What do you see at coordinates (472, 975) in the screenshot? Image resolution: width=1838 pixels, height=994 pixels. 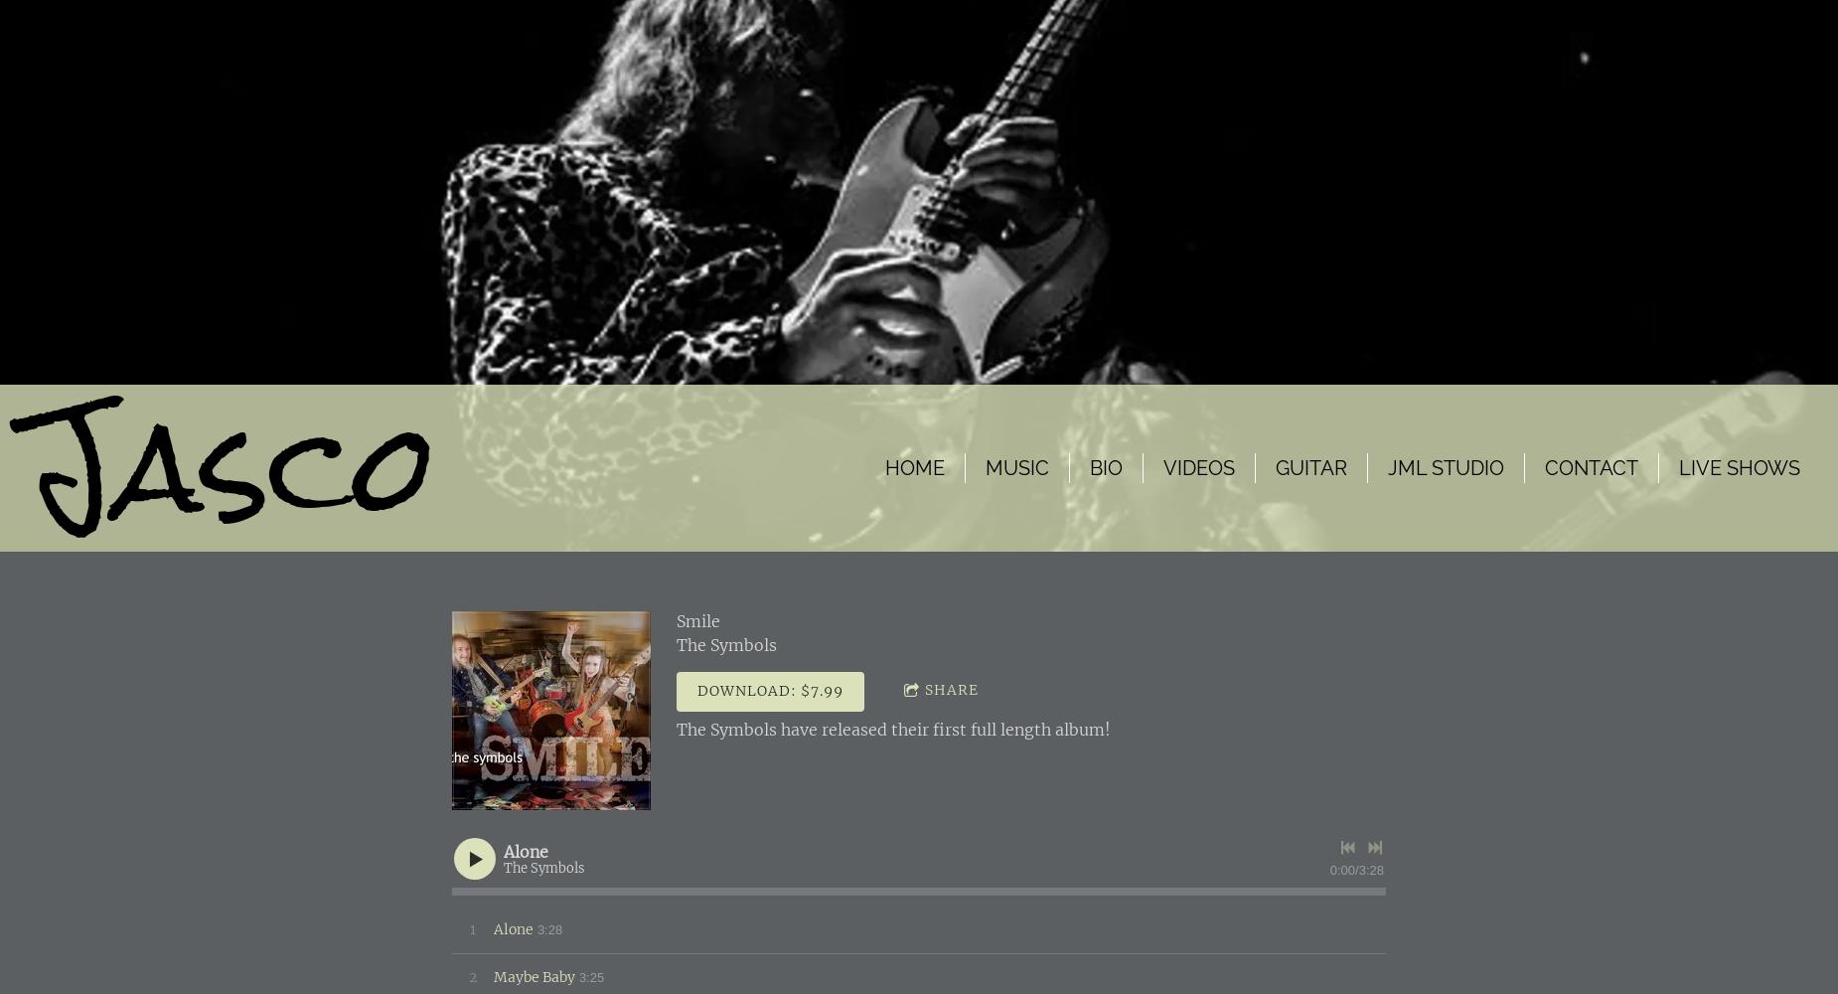 I see `'2'` at bounding box center [472, 975].